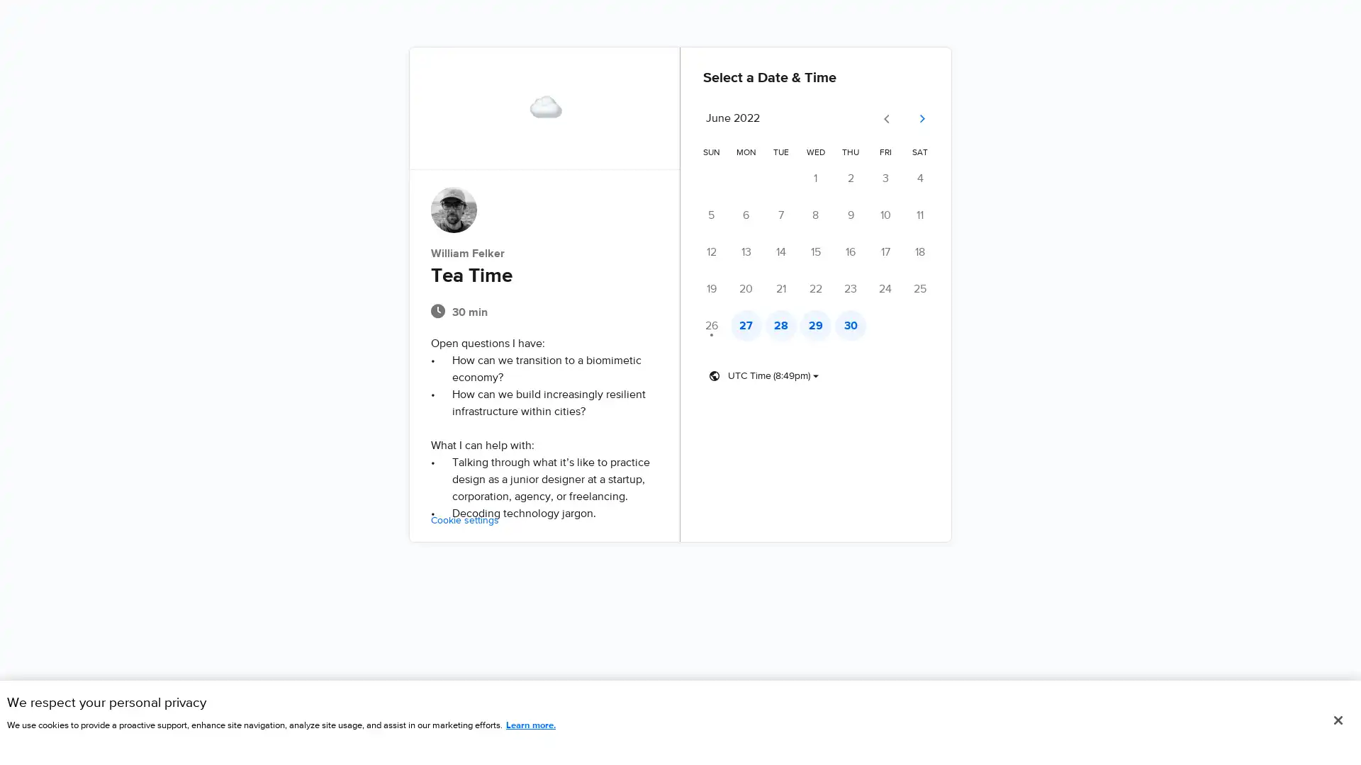 This screenshot has height=765, width=1361. Describe the element at coordinates (1337, 720) in the screenshot. I see `Close` at that location.